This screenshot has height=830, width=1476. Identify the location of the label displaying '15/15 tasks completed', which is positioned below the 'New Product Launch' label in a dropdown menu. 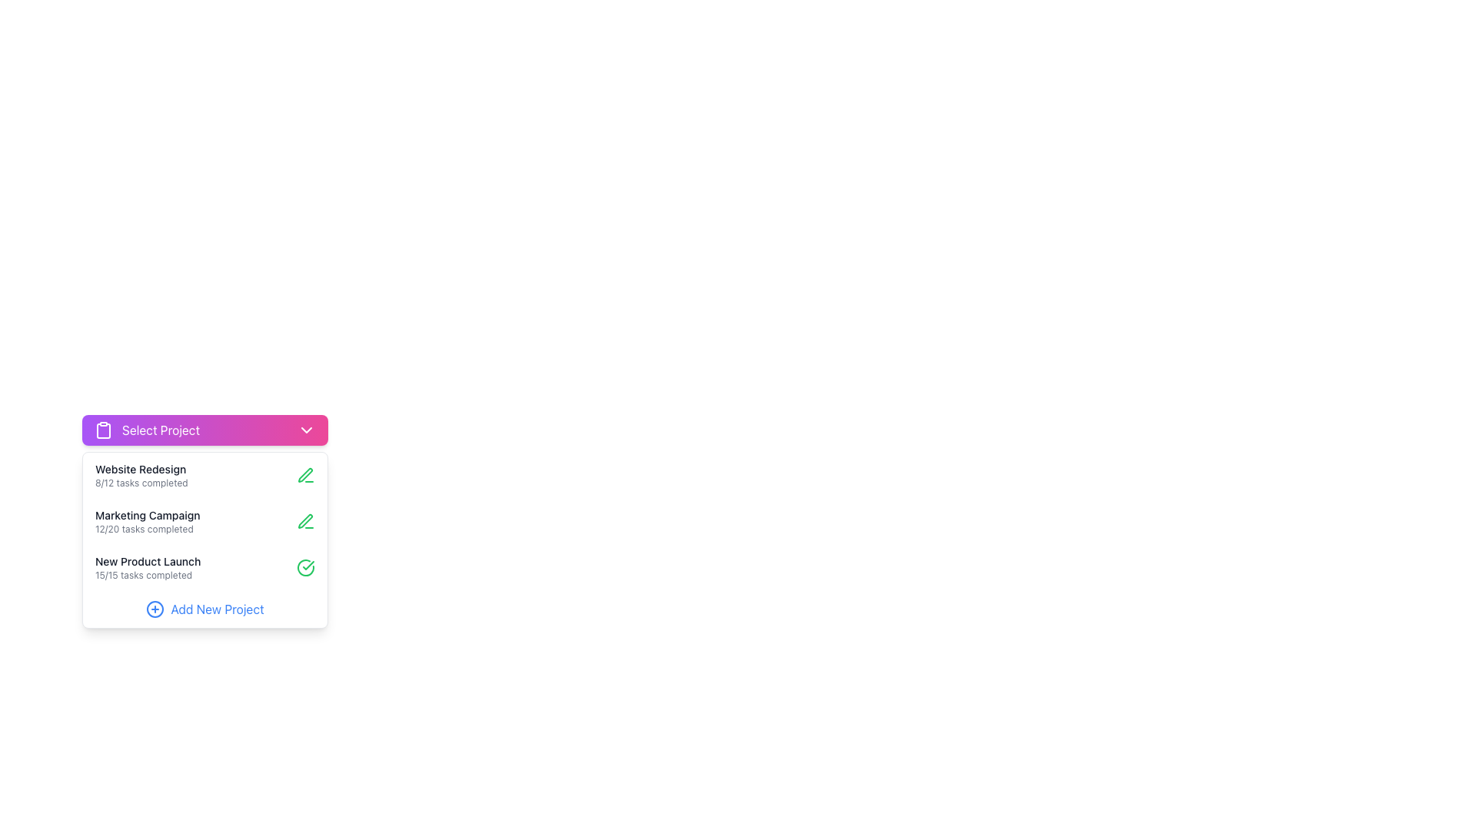
(148, 575).